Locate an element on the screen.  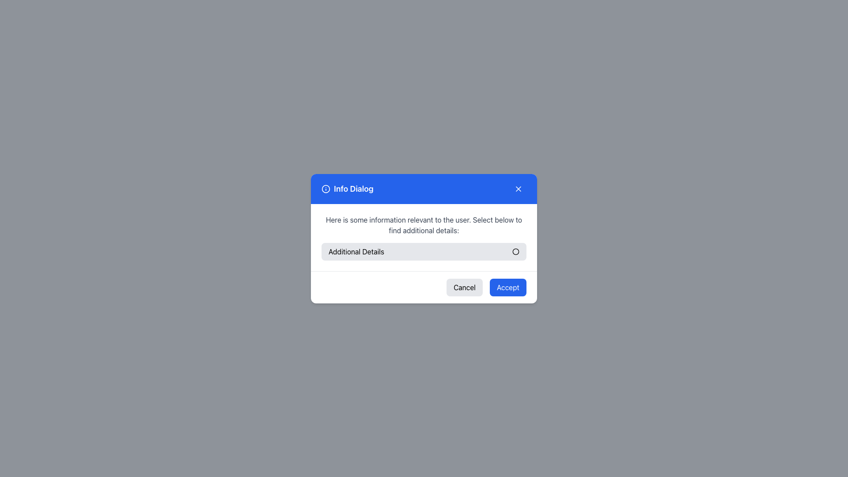
the 'Accept' button, which is a rectangular button with a blue background and white text, located at the bottom right of the dialog box is located at coordinates (508, 287).